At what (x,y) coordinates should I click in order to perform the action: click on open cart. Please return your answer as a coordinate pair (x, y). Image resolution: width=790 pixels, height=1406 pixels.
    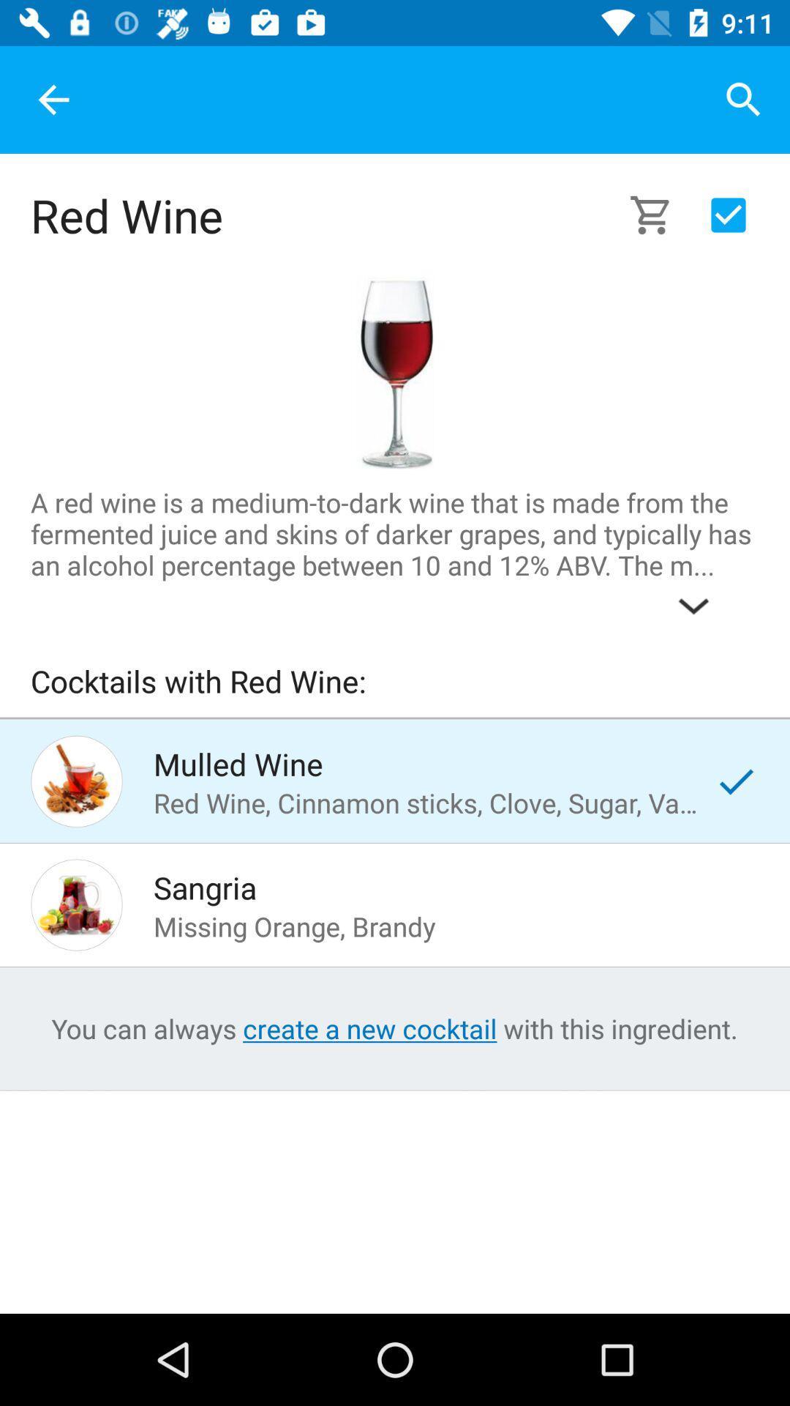
    Looking at the image, I should click on (659, 214).